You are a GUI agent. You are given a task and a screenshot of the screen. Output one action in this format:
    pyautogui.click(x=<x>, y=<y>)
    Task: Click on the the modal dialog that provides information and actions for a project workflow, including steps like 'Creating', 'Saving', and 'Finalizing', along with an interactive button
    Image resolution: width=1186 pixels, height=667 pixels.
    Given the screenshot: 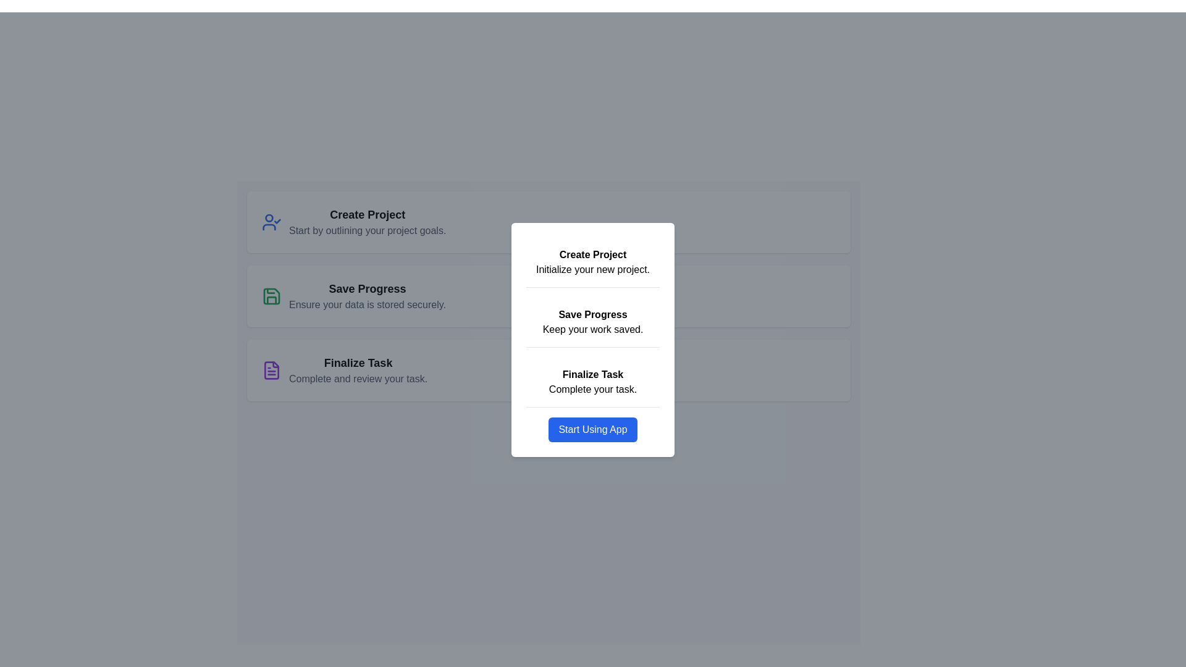 What is the action you would take?
    pyautogui.click(x=593, y=340)
    